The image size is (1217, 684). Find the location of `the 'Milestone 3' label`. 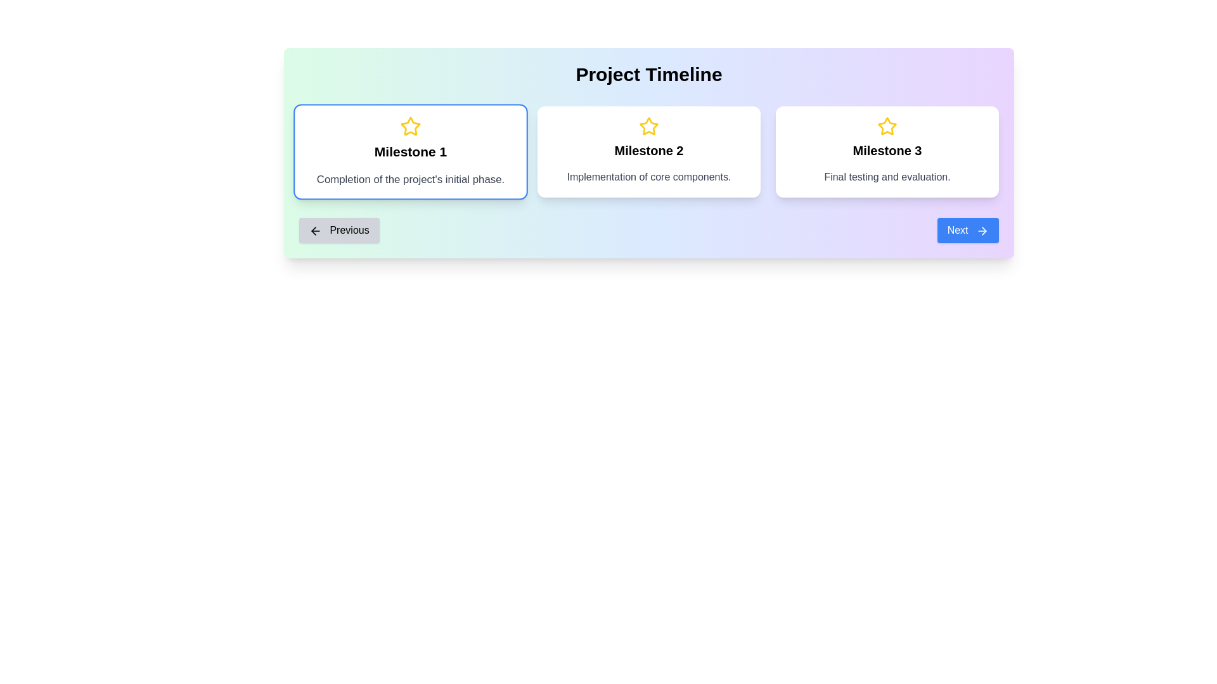

the 'Milestone 3' label is located at coordinates (887, 150).